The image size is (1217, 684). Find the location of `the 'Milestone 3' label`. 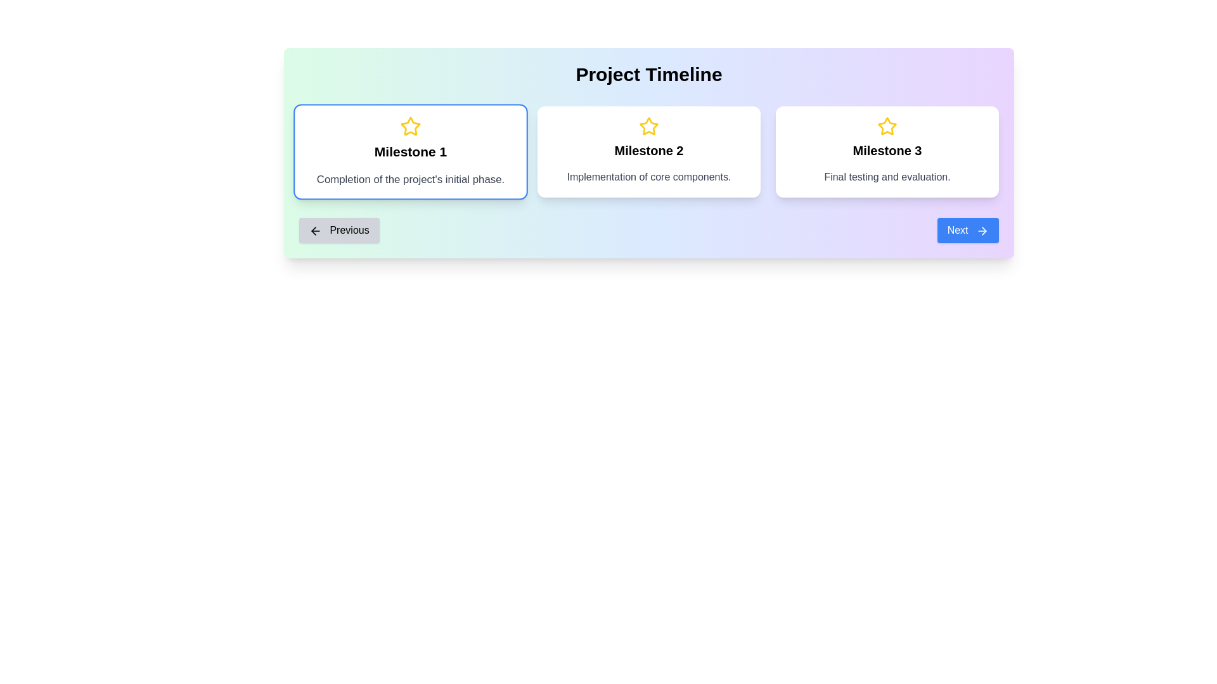

the 'Milestone 3' label is located at coordinates (887, 150).